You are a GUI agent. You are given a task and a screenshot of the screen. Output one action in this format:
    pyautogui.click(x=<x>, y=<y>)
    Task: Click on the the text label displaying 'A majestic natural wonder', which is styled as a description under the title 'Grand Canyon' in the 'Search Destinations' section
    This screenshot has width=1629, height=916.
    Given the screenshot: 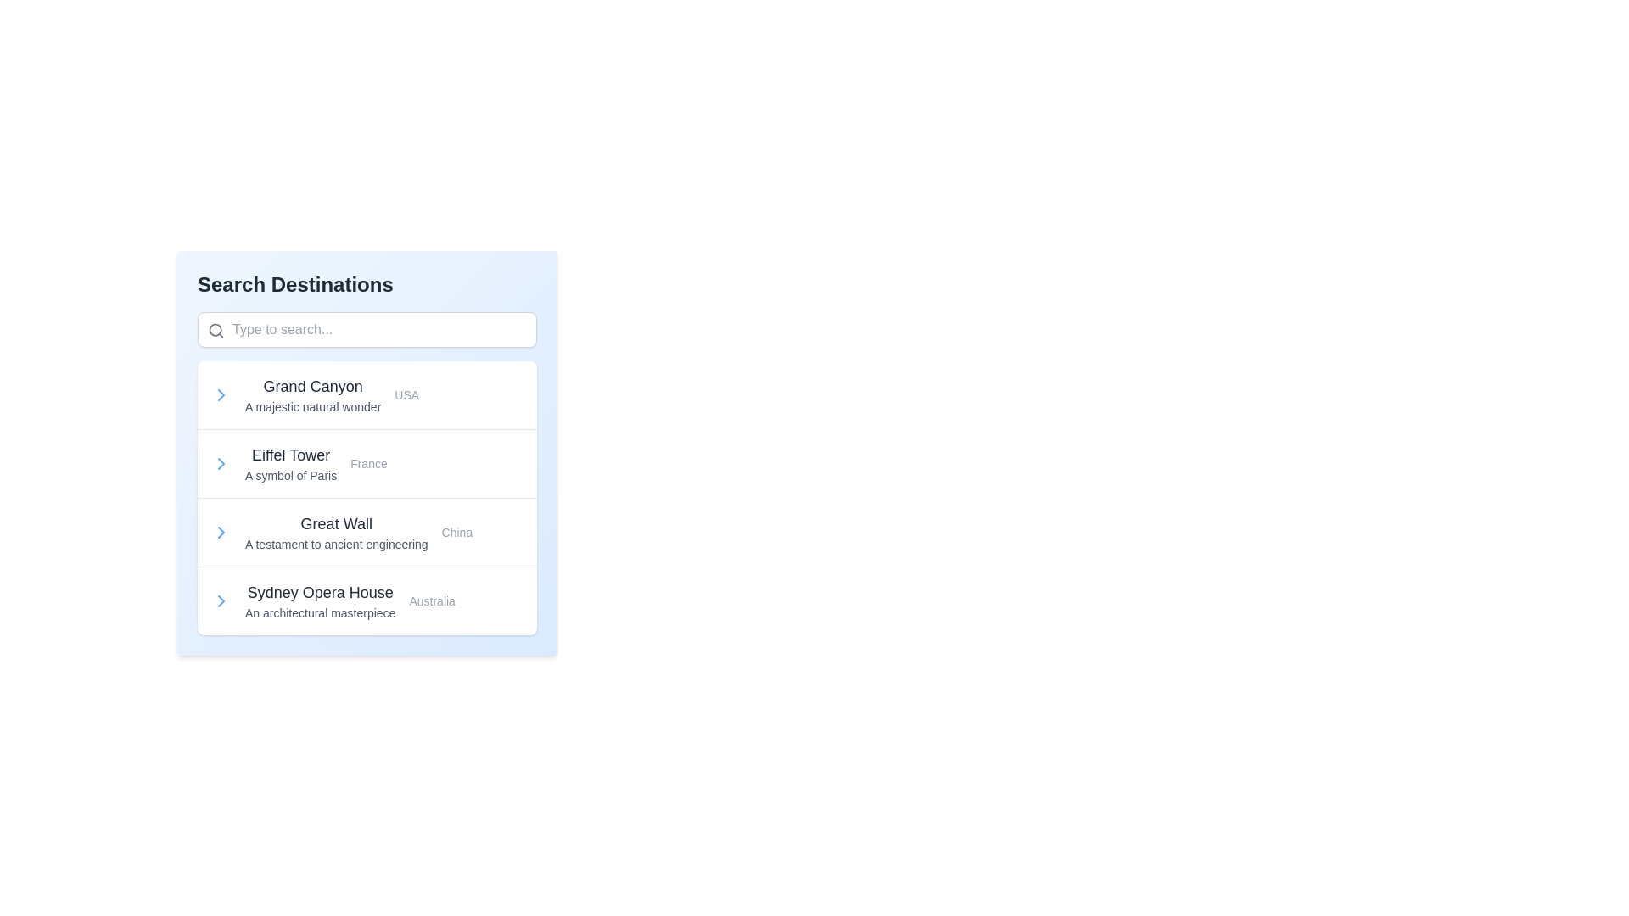 What is the action you would take?
    pyautogui.click(x=313, y=406)
    